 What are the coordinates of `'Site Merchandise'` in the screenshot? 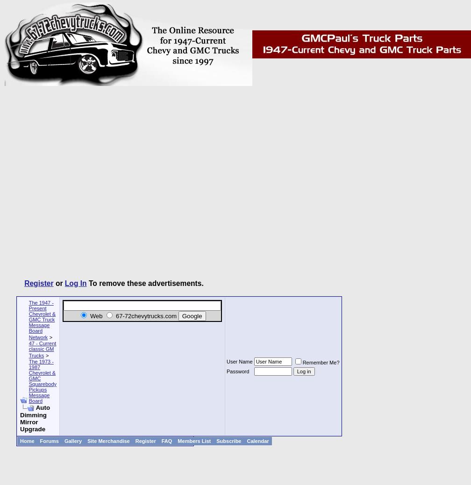 It's located at (108, 441).